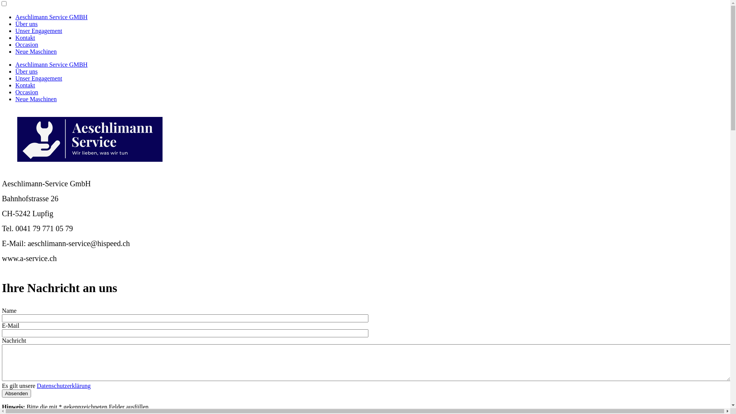  I want to click on 'Neue Maschinen', so click(36, 51).